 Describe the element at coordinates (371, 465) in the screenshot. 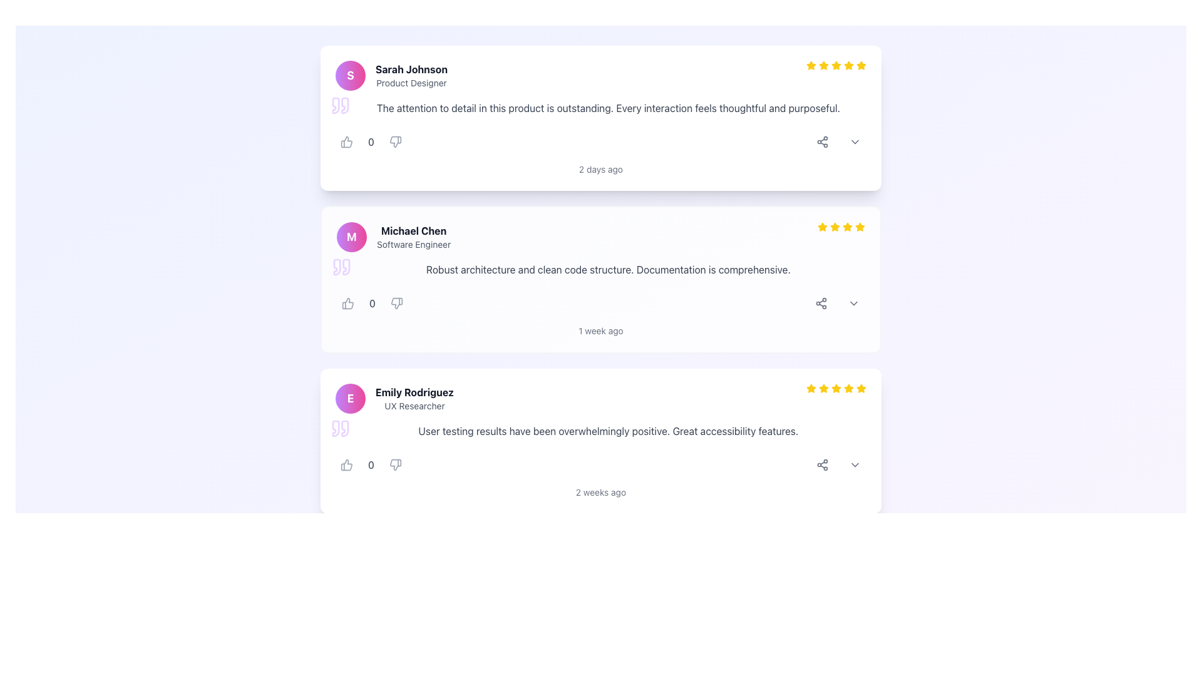

I see `the small text component displaying the number '0' in gray, which is positioned next to the thumbs-up icon within the user feedback card` at that location.